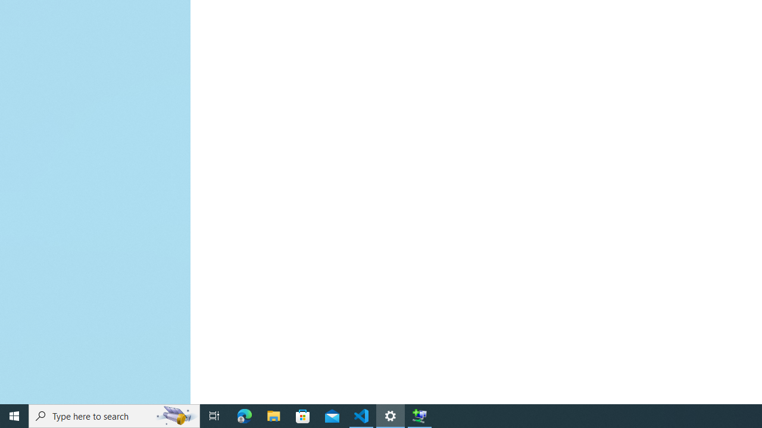 This screenshot has width=762, height=428. Describe the element at coordinates (420, 415) in the screenshot. I see `'Extensible Wizards Host Process - 1 running window'` at that location.